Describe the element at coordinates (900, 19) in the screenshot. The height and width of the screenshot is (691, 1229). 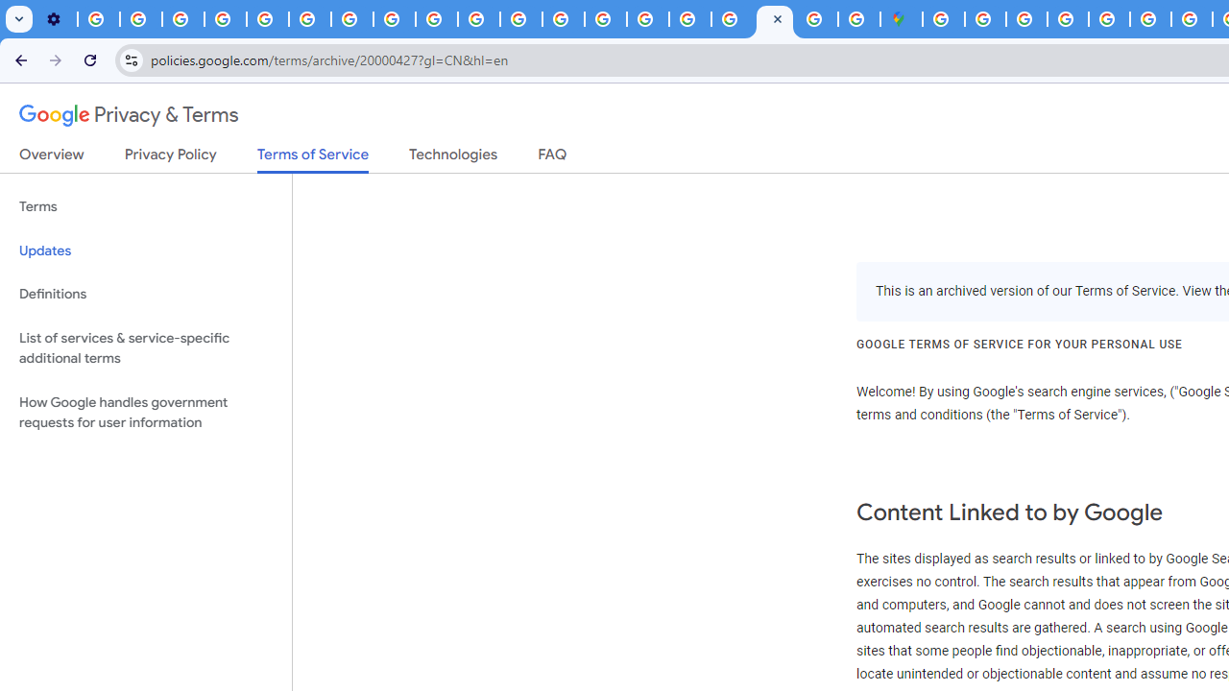
I see `'Google Maps'` at that location.